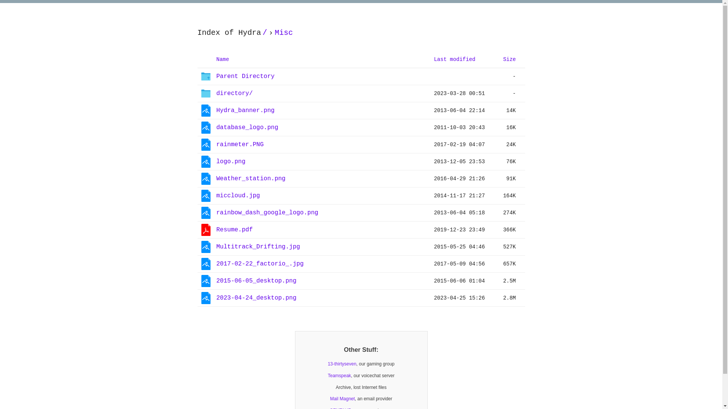 This screenshot has width=728, height=409. Describe the element at coordinates (341, 364) in the screenshot. I see `'13-thirtyseven'` at that location.